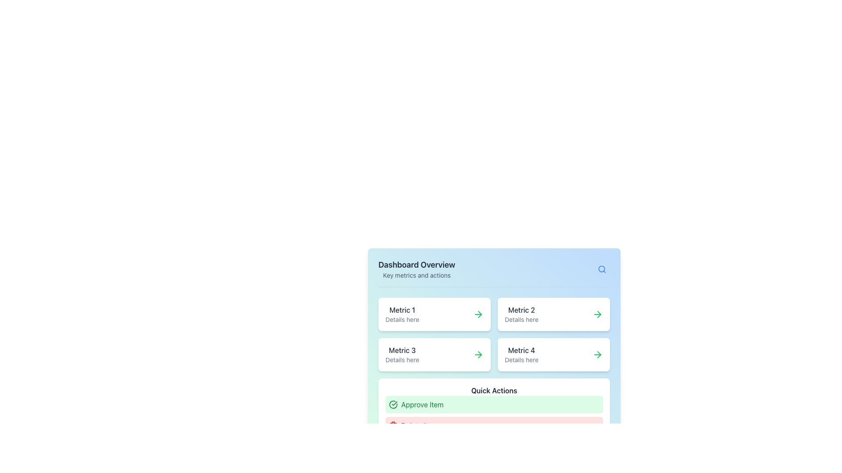 The width and height of the screenshot is (842, 473). What do you see at coordinates (494, 390) in the screenshot?
I see `the text label that serves as a header for the section below, positioned above the 'Approve Item' and 'Delete Item' buttons` at bounding box center [494, 390].